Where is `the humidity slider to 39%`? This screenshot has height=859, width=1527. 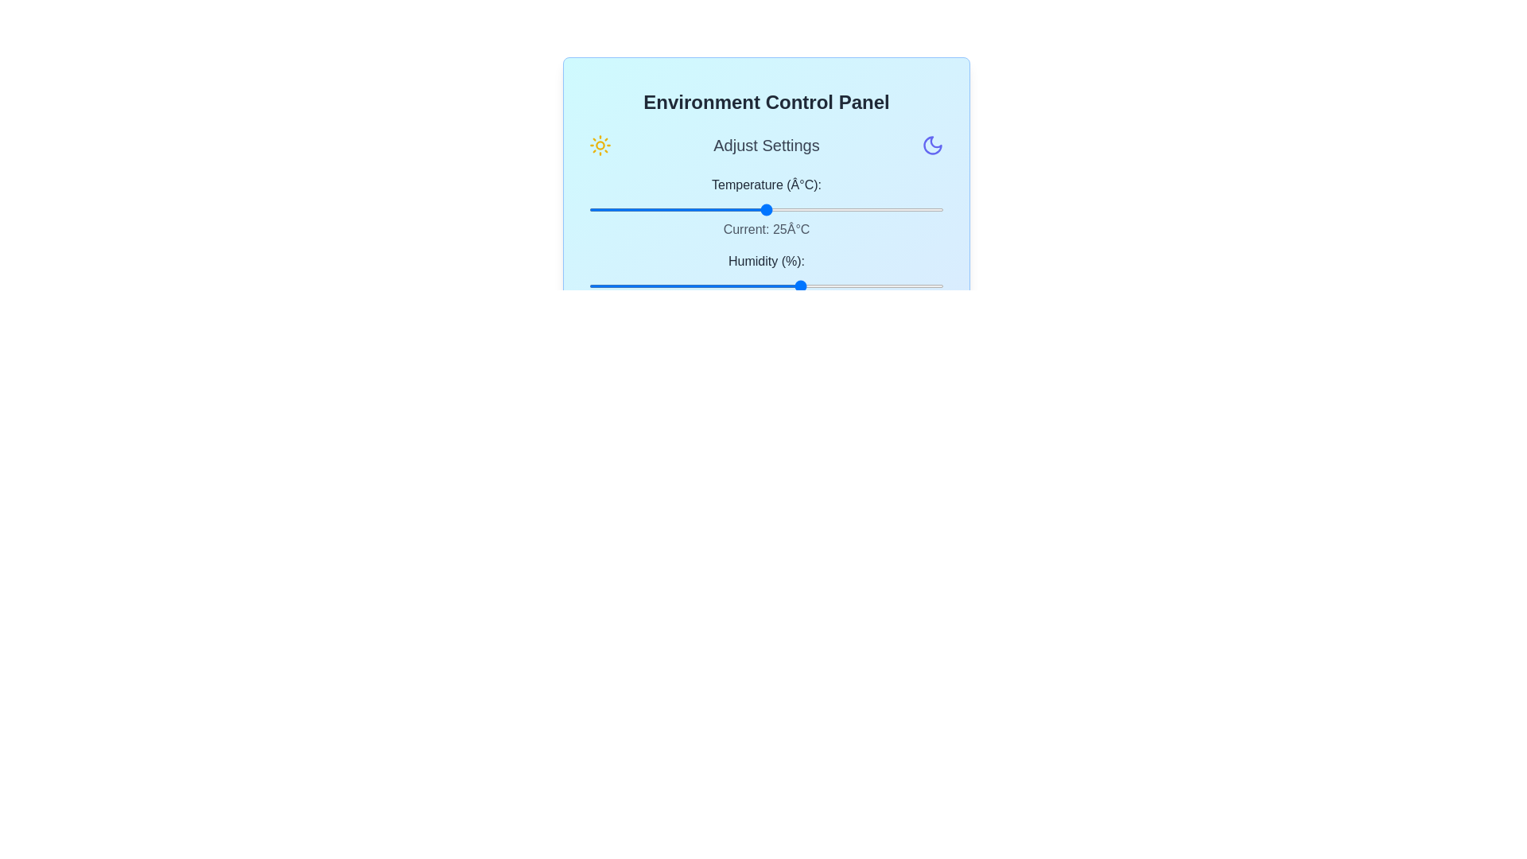 the humidity slider to 39% is located at coordinates (726, 285).